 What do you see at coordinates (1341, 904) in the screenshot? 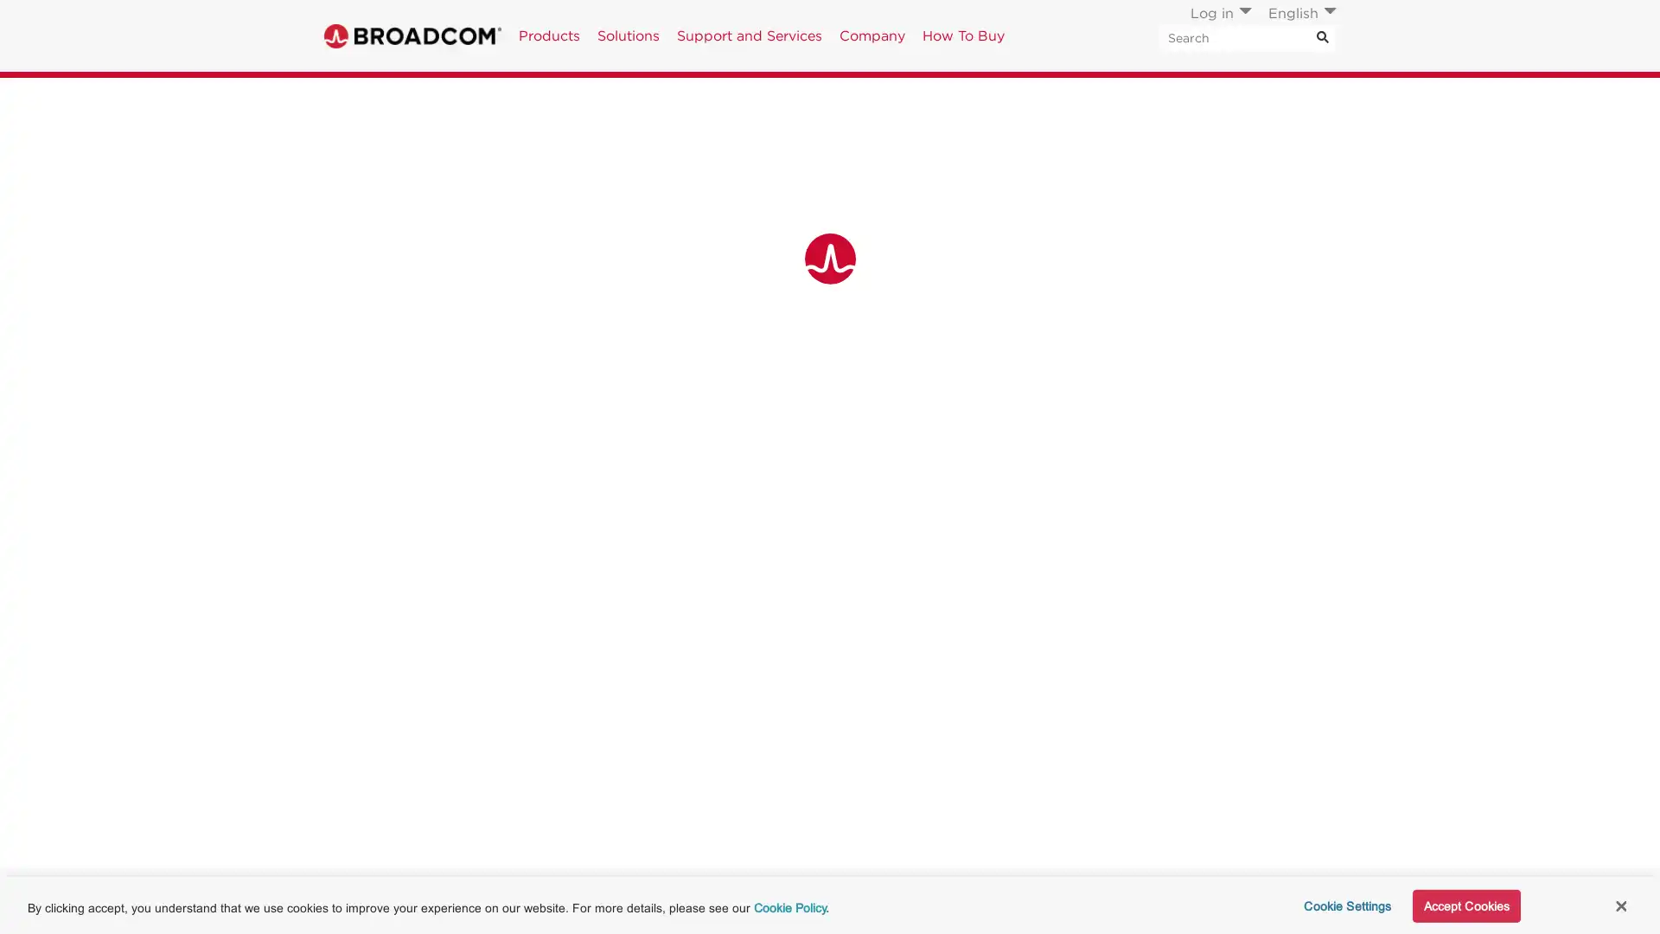
I see `Cookie Settings` at bounding box center [1341, 904].